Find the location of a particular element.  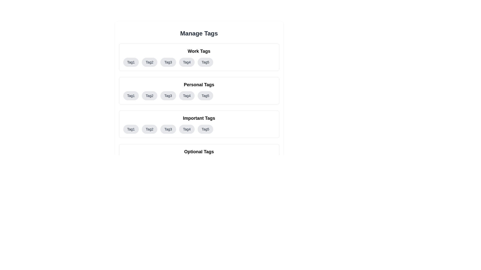

the individual interactive tag within the horizontal group of tags labeled 'Tag1', 'Tag2', 'Tag3', 'Tag4', and 'Tag5' for accessibility purposes is located at coordinates (199, 62).